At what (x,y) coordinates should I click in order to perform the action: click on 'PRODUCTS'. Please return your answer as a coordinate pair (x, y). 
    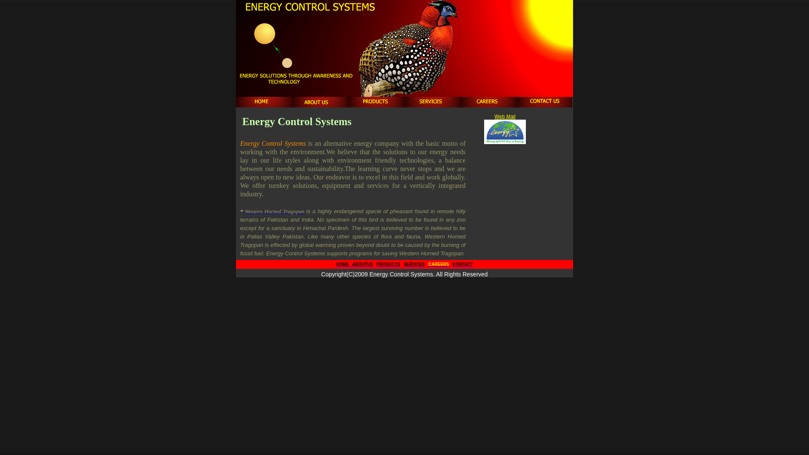
    Looking at the image, I should click on (388, 264).